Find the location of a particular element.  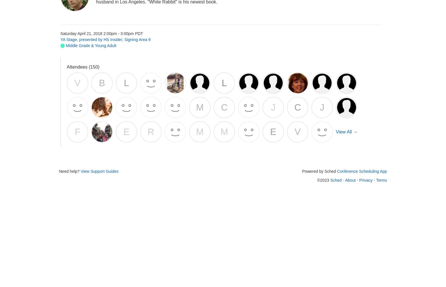

'Powered by Sched' is located at coordinates (319, 171).